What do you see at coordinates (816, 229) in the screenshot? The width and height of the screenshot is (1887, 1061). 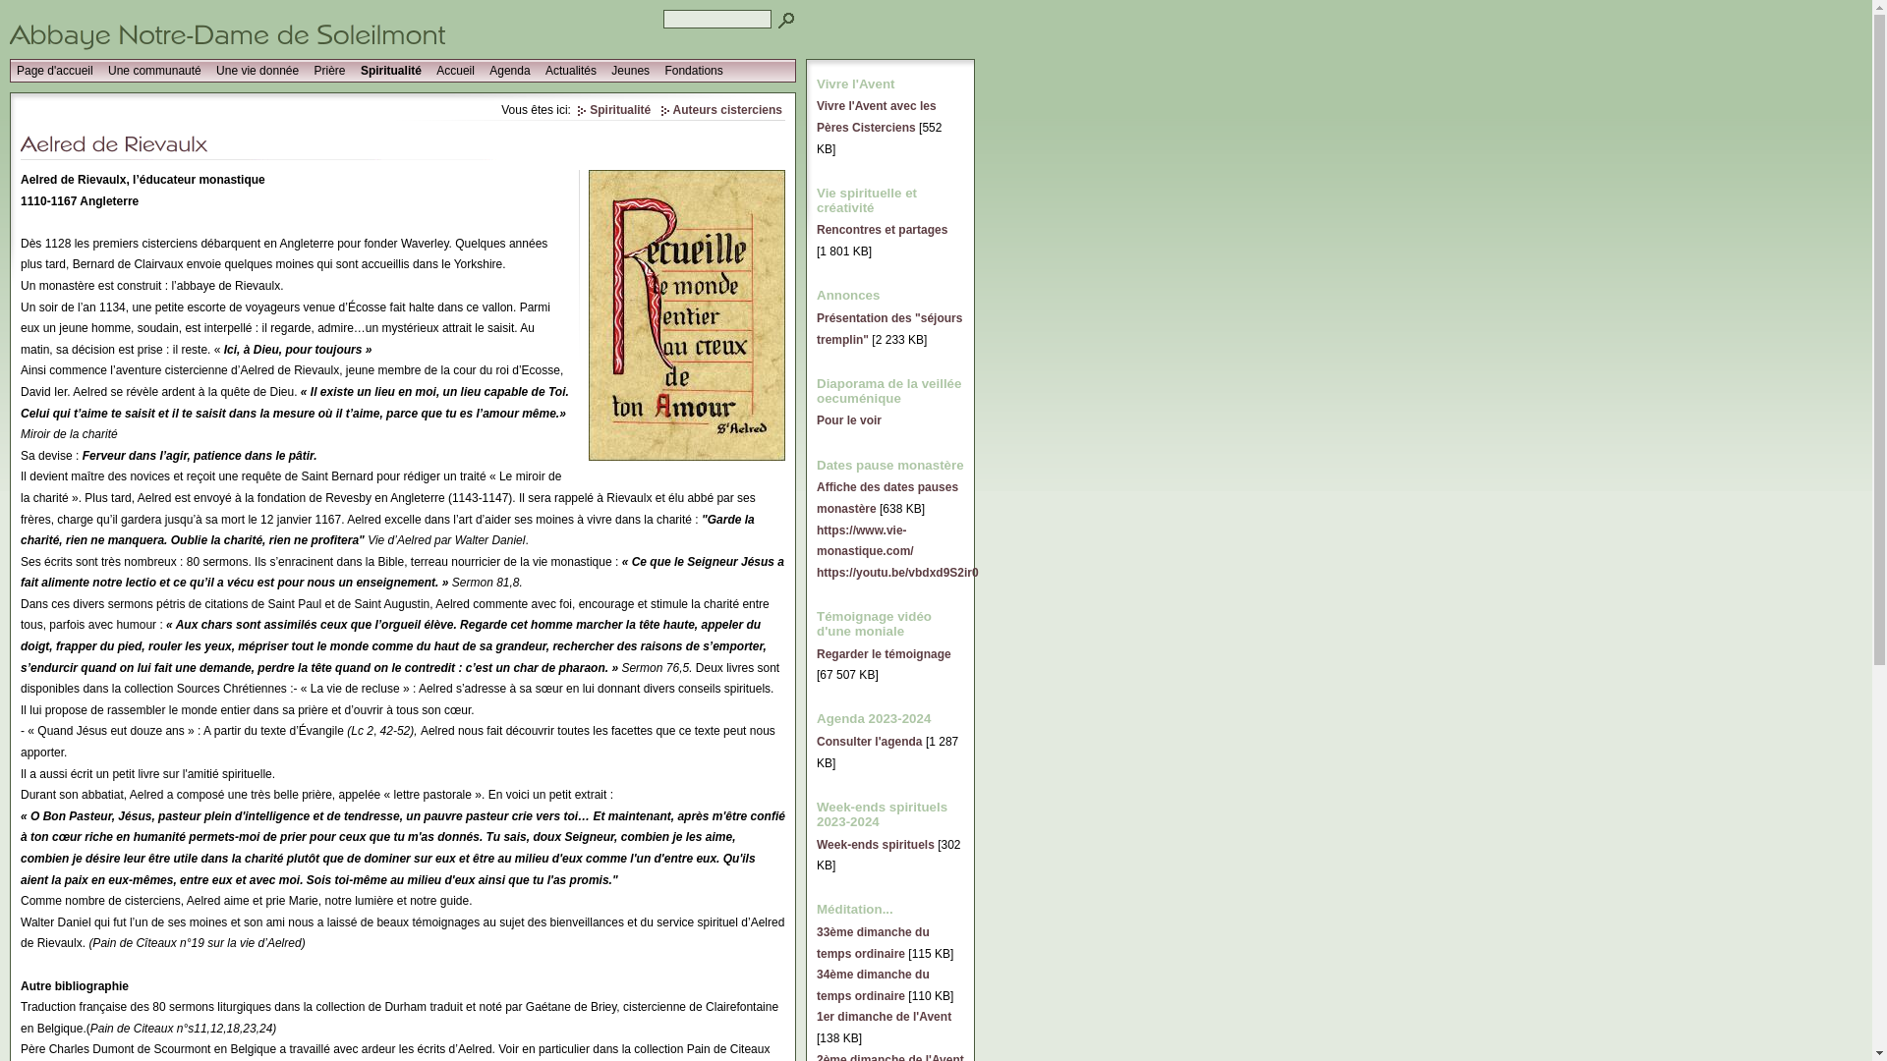 I see `'Rencontres et partages'` at bounding box center [816, 229].